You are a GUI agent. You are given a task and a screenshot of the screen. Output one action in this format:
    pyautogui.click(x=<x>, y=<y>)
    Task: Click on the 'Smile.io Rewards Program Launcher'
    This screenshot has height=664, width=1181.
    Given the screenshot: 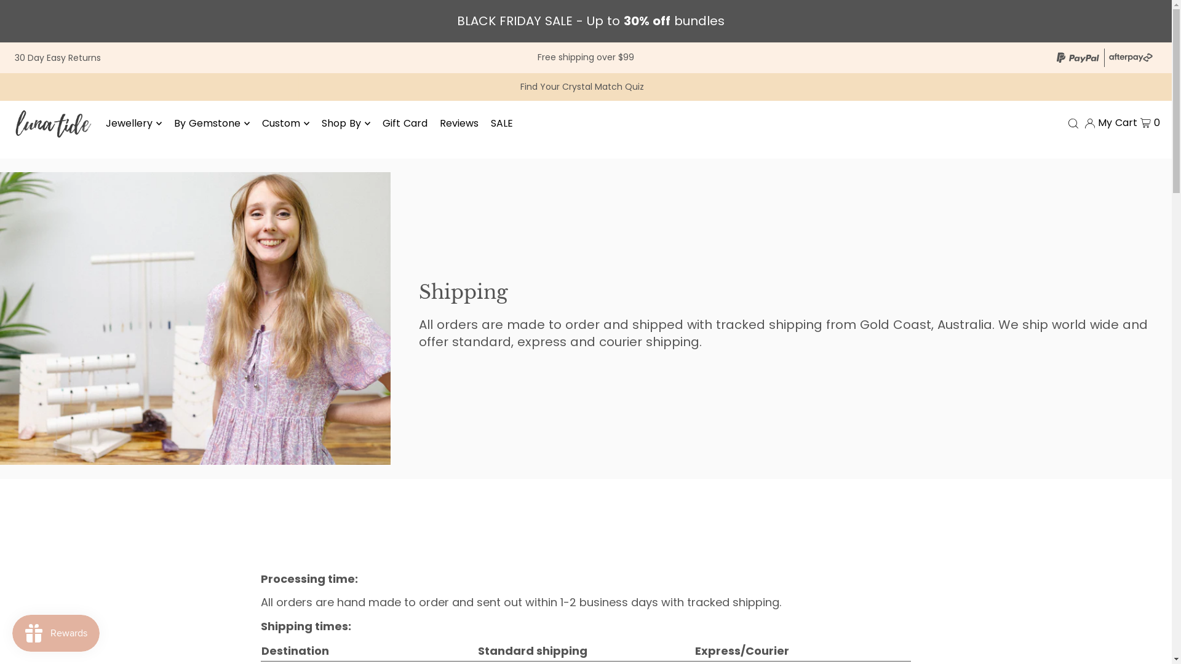 What is the action you would take?
    pyautogui.click(x=55, y=633)
    